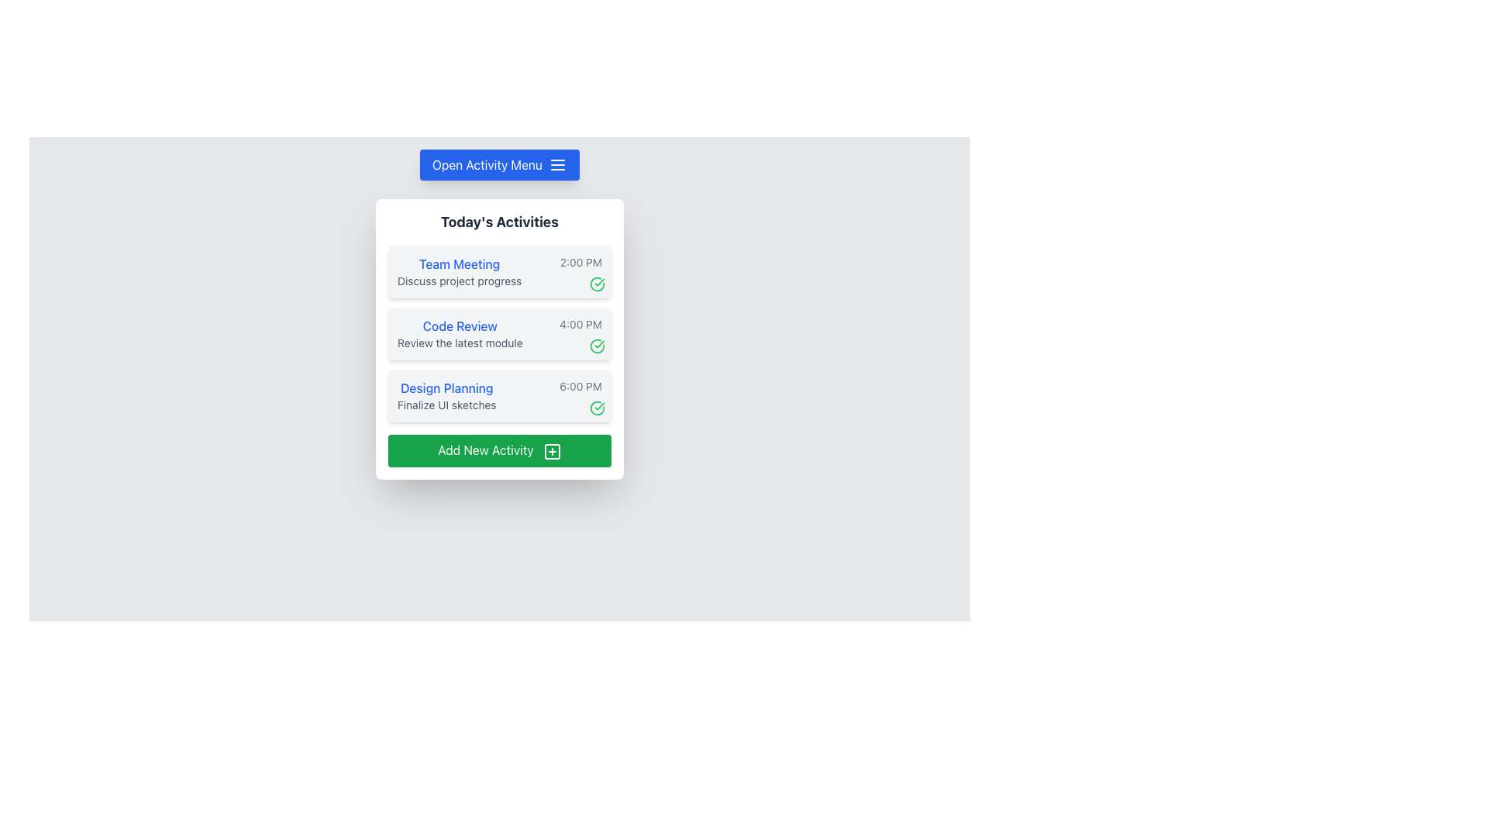 The width and height of the screenshot is (1488, 837). I want to click on information contained in the List item titled 'Design Planning,' which is the third entry in the 'Today's Activities' panel, so click(499, 394).